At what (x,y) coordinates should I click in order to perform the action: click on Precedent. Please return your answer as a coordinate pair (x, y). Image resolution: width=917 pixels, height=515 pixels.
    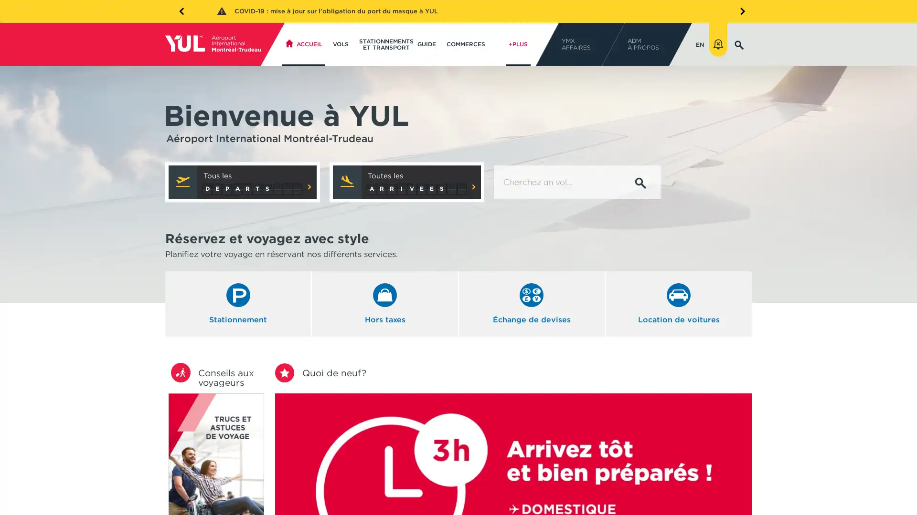
    Looking at the image, I should click on (181, 10).